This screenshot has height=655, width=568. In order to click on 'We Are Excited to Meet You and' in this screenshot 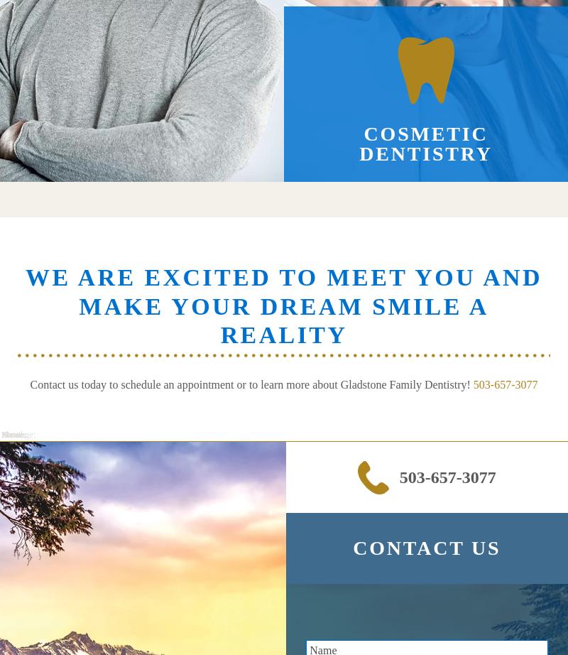, I will do `click(284, 276)`.